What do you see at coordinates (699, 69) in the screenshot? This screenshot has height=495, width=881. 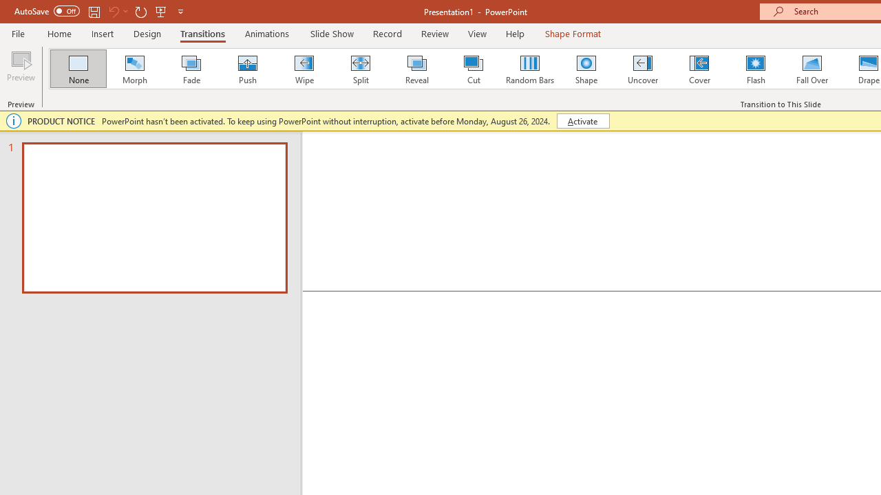 I see `'Cover'` at bounding box center [699, 69].